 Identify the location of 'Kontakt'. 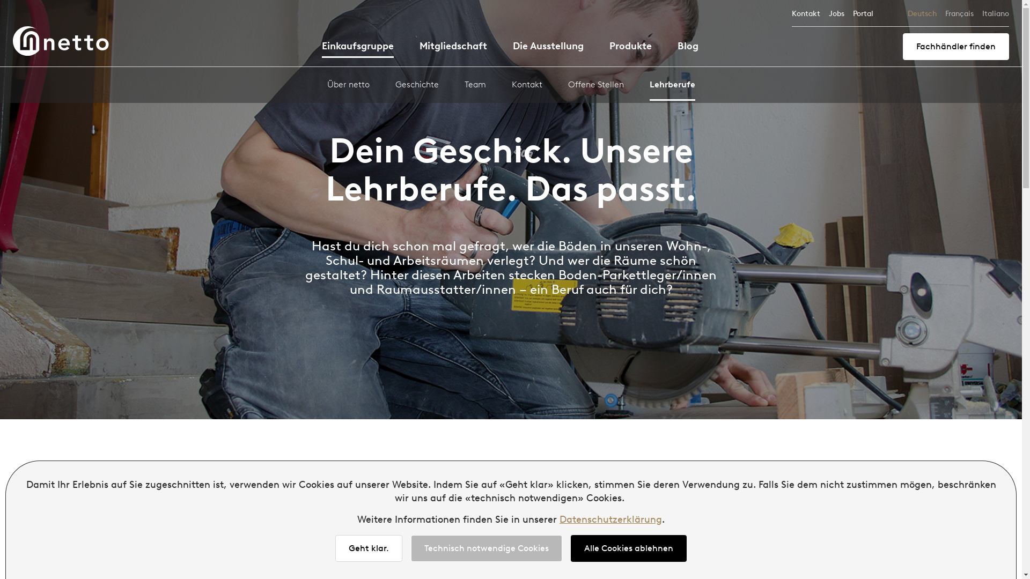
(806, 13).